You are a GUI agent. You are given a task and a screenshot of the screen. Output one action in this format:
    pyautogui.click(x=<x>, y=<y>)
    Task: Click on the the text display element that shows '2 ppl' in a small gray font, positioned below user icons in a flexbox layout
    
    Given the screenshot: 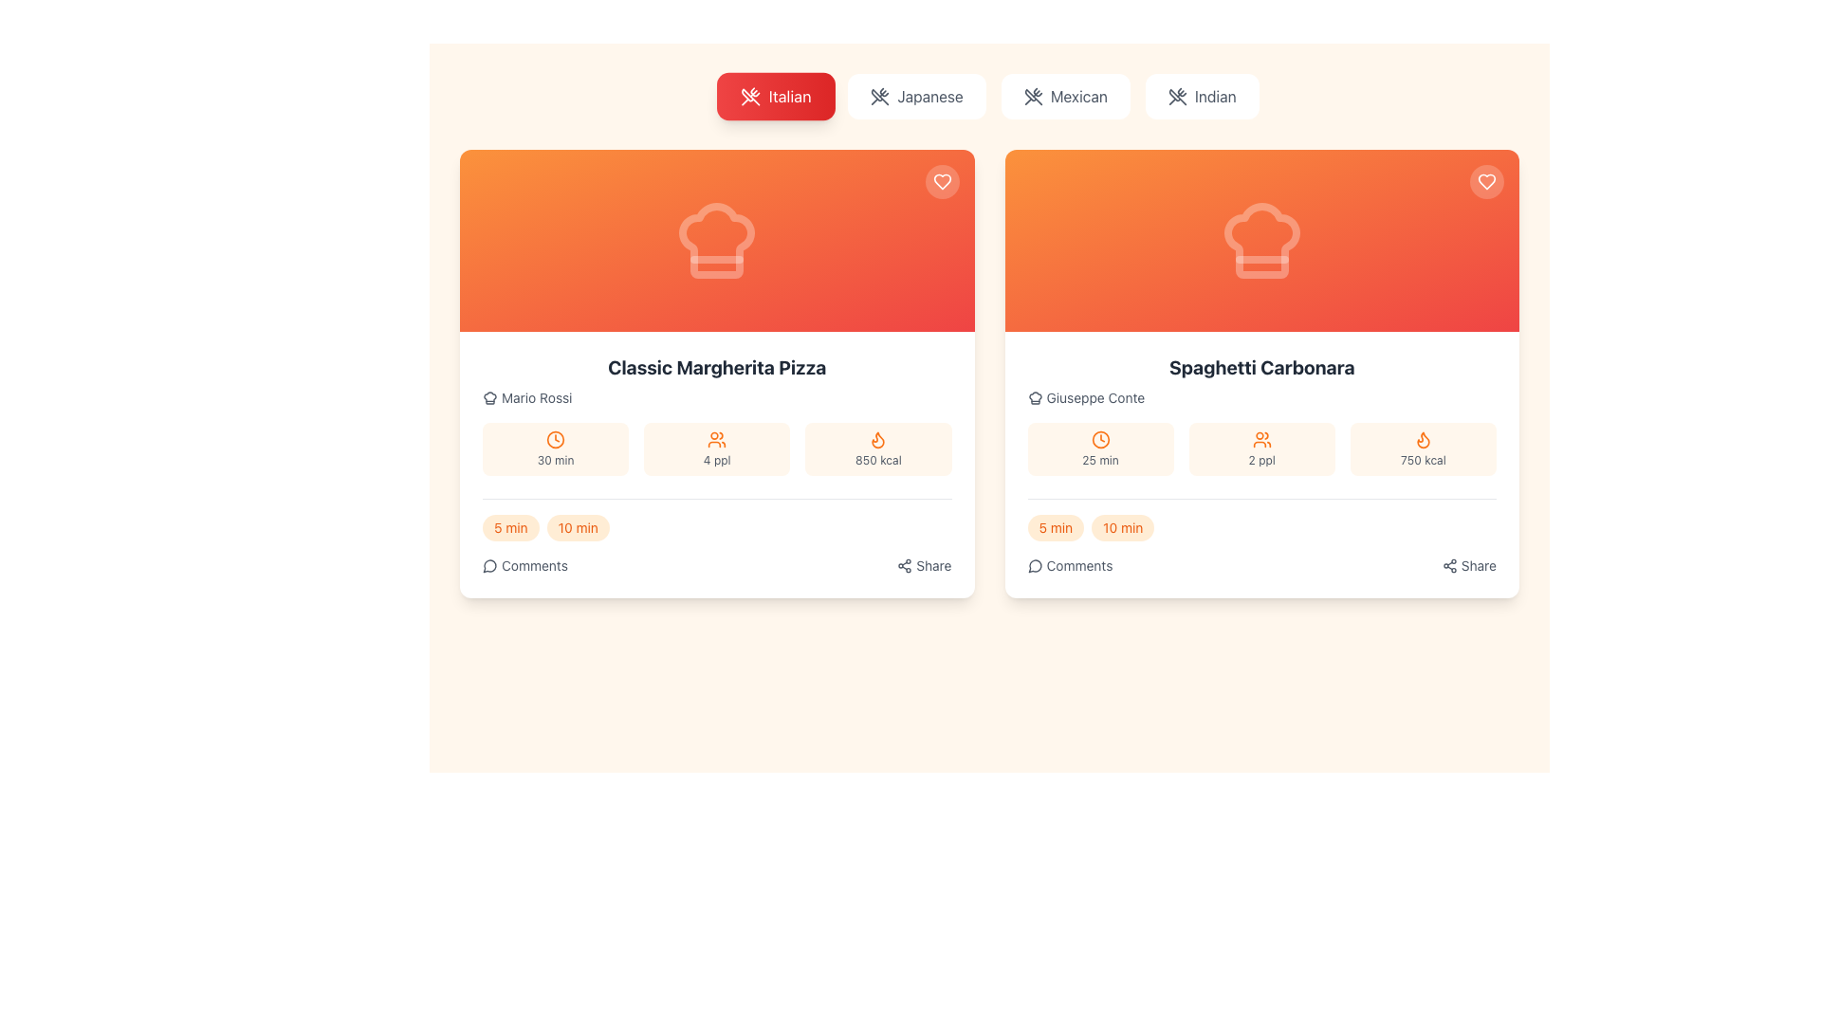 What is the action you would take?
    pyautogui.click(x=1261, y=461)
    